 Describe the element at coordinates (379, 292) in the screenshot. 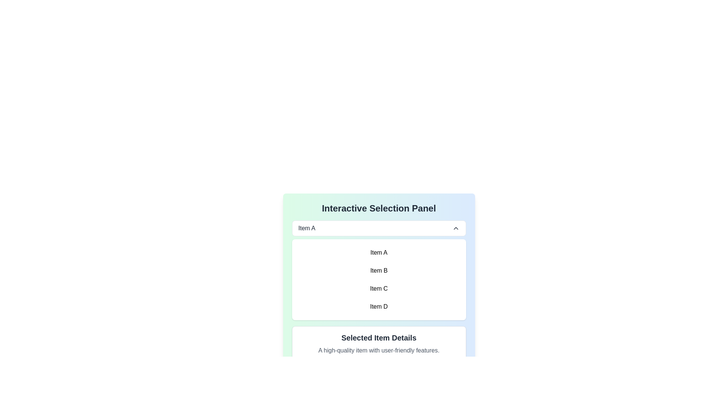

I see `the selectable item 'Item C' in the dropdown menu` at that location.